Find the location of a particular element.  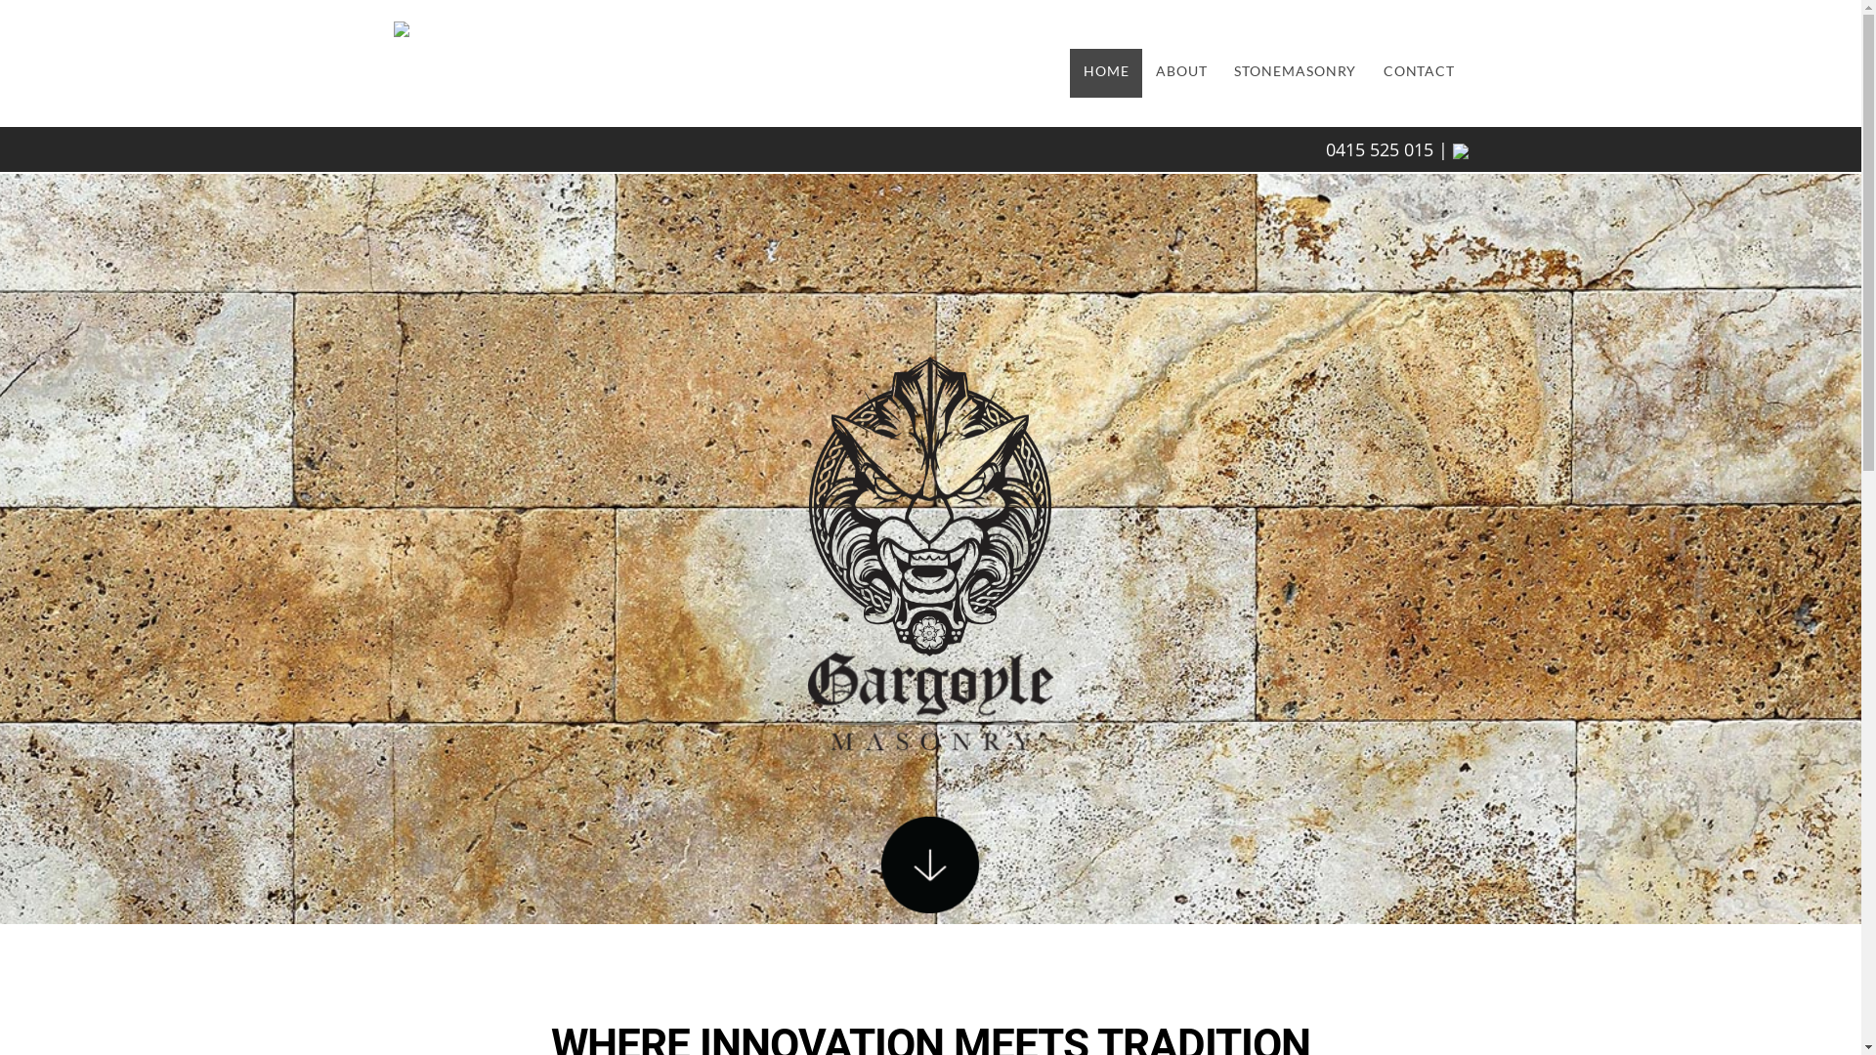

'0415 525 015' is located at coordinates (1378, 148).